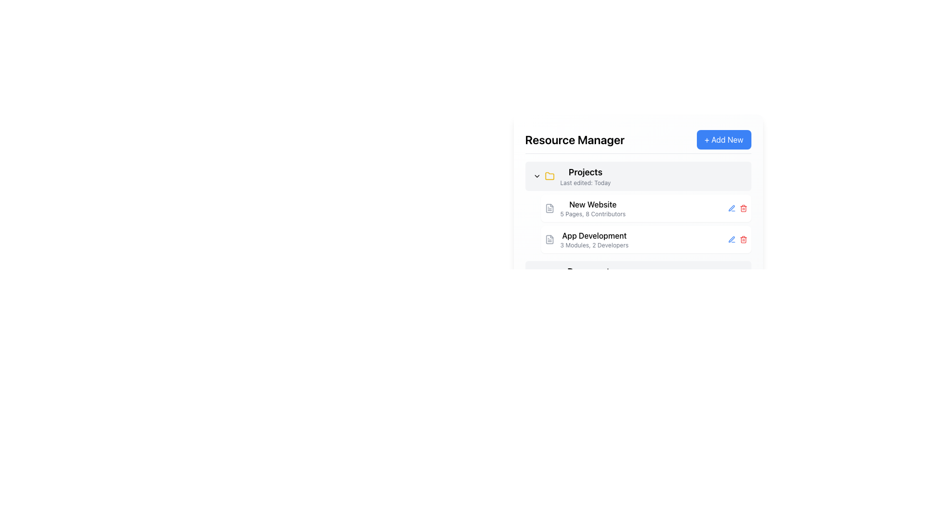  What do you see at coordinates (592, 204) in the screenshot?
I see `the 'New Website' text label which is prominently styled and located in the 'Projects' section under 'Resource Manager'` at bounding box center [592, 204].